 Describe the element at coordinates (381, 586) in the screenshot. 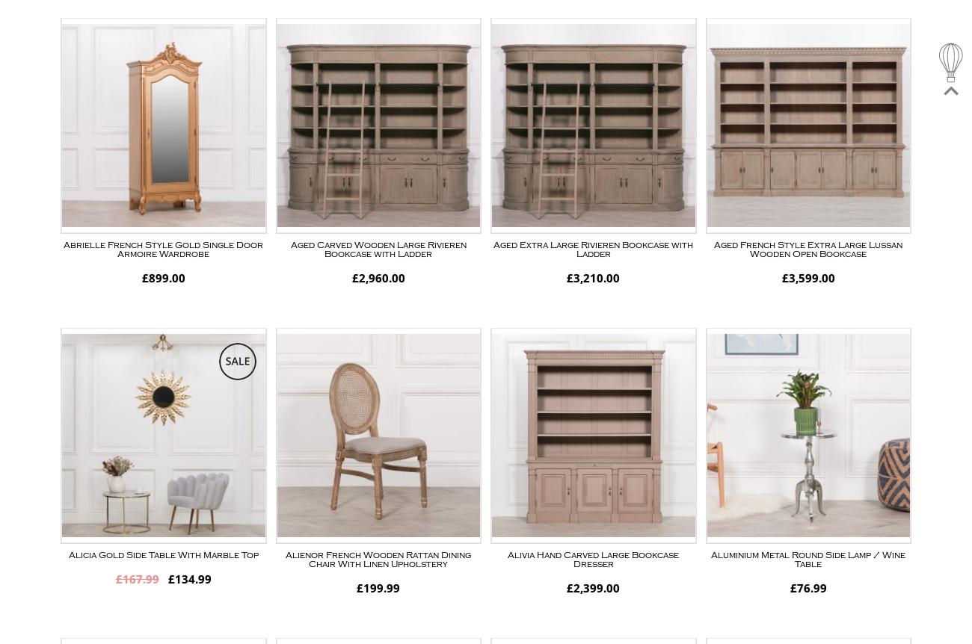

I see `'199.99'` at that location.